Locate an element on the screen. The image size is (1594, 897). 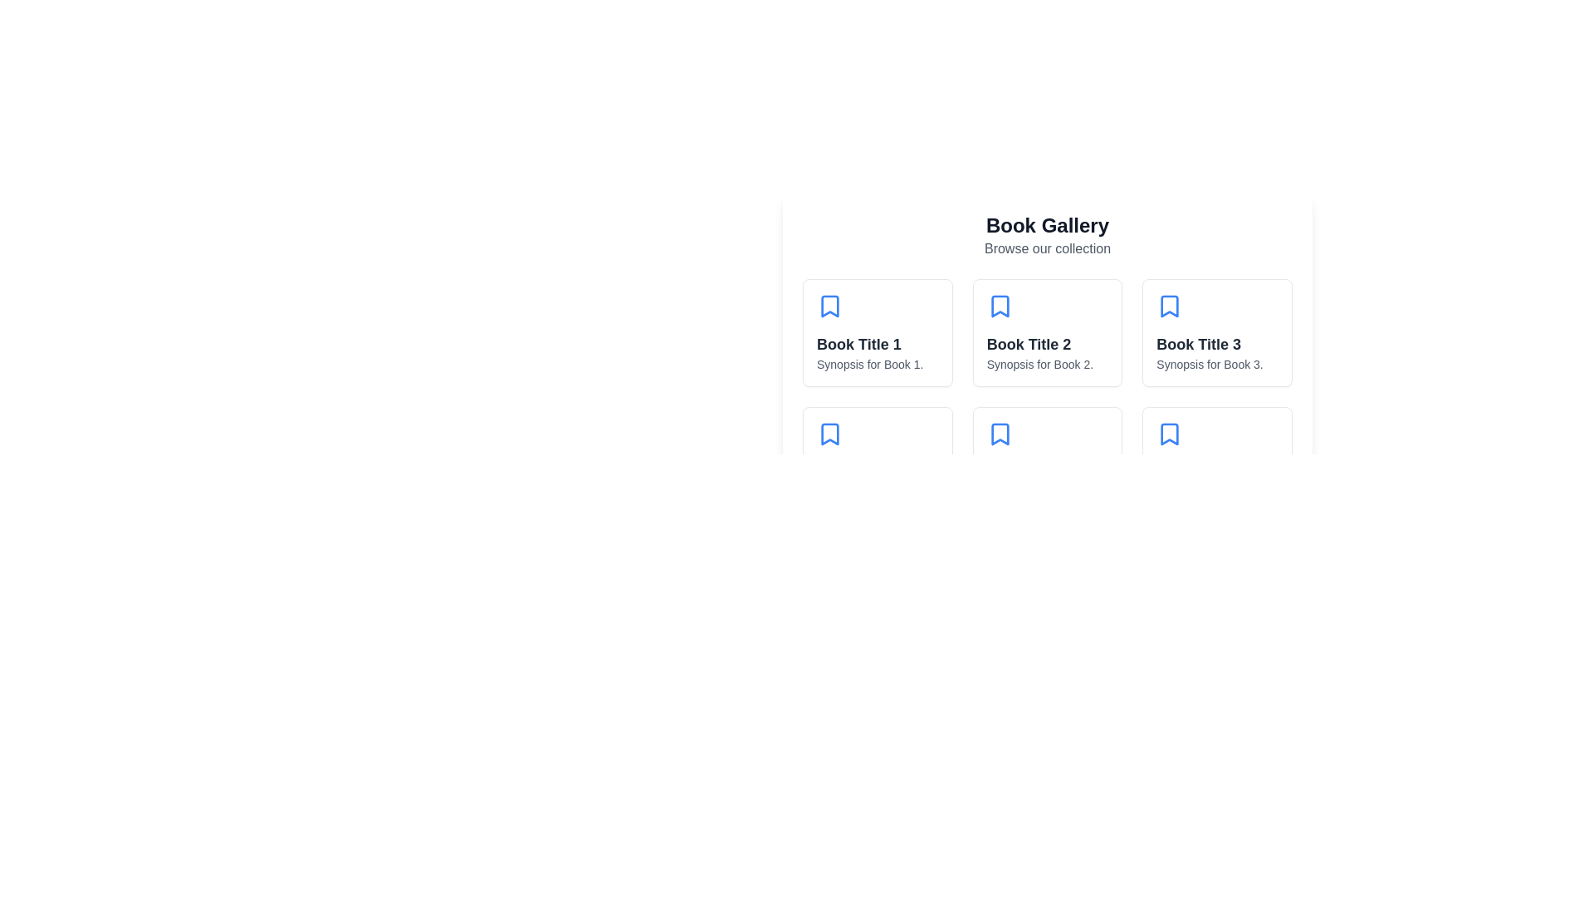
around the descriptive subtitle element located beneath the 'Book Gallery' title to facilitate navigation is located at coordinates (1047, 249).